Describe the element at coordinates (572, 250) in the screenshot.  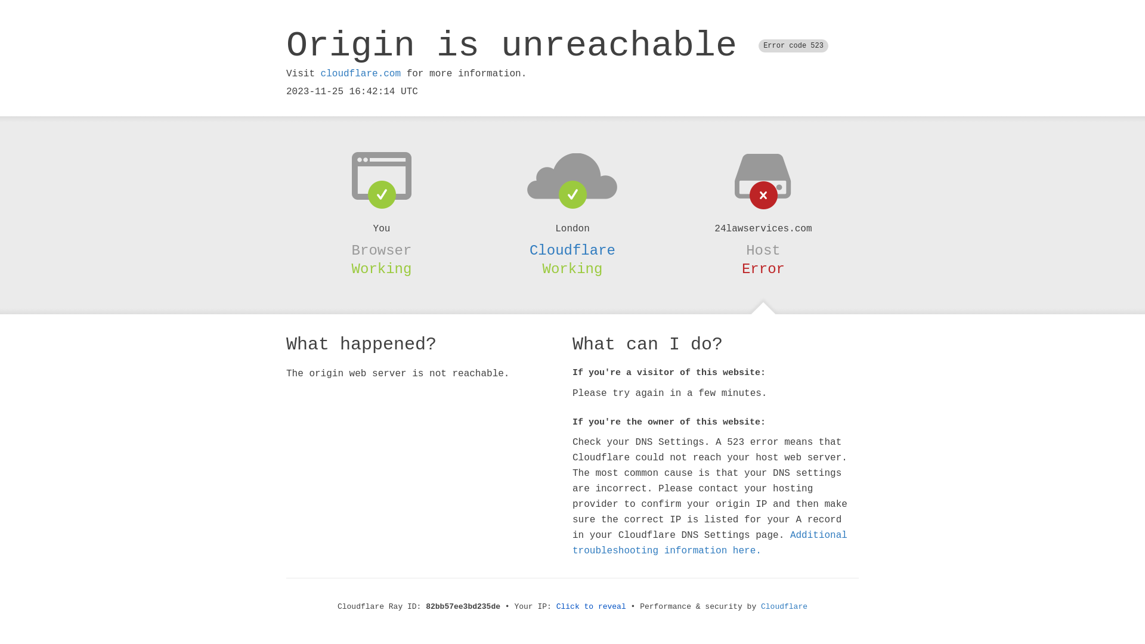
I see `'Cloudflare'` at that location.